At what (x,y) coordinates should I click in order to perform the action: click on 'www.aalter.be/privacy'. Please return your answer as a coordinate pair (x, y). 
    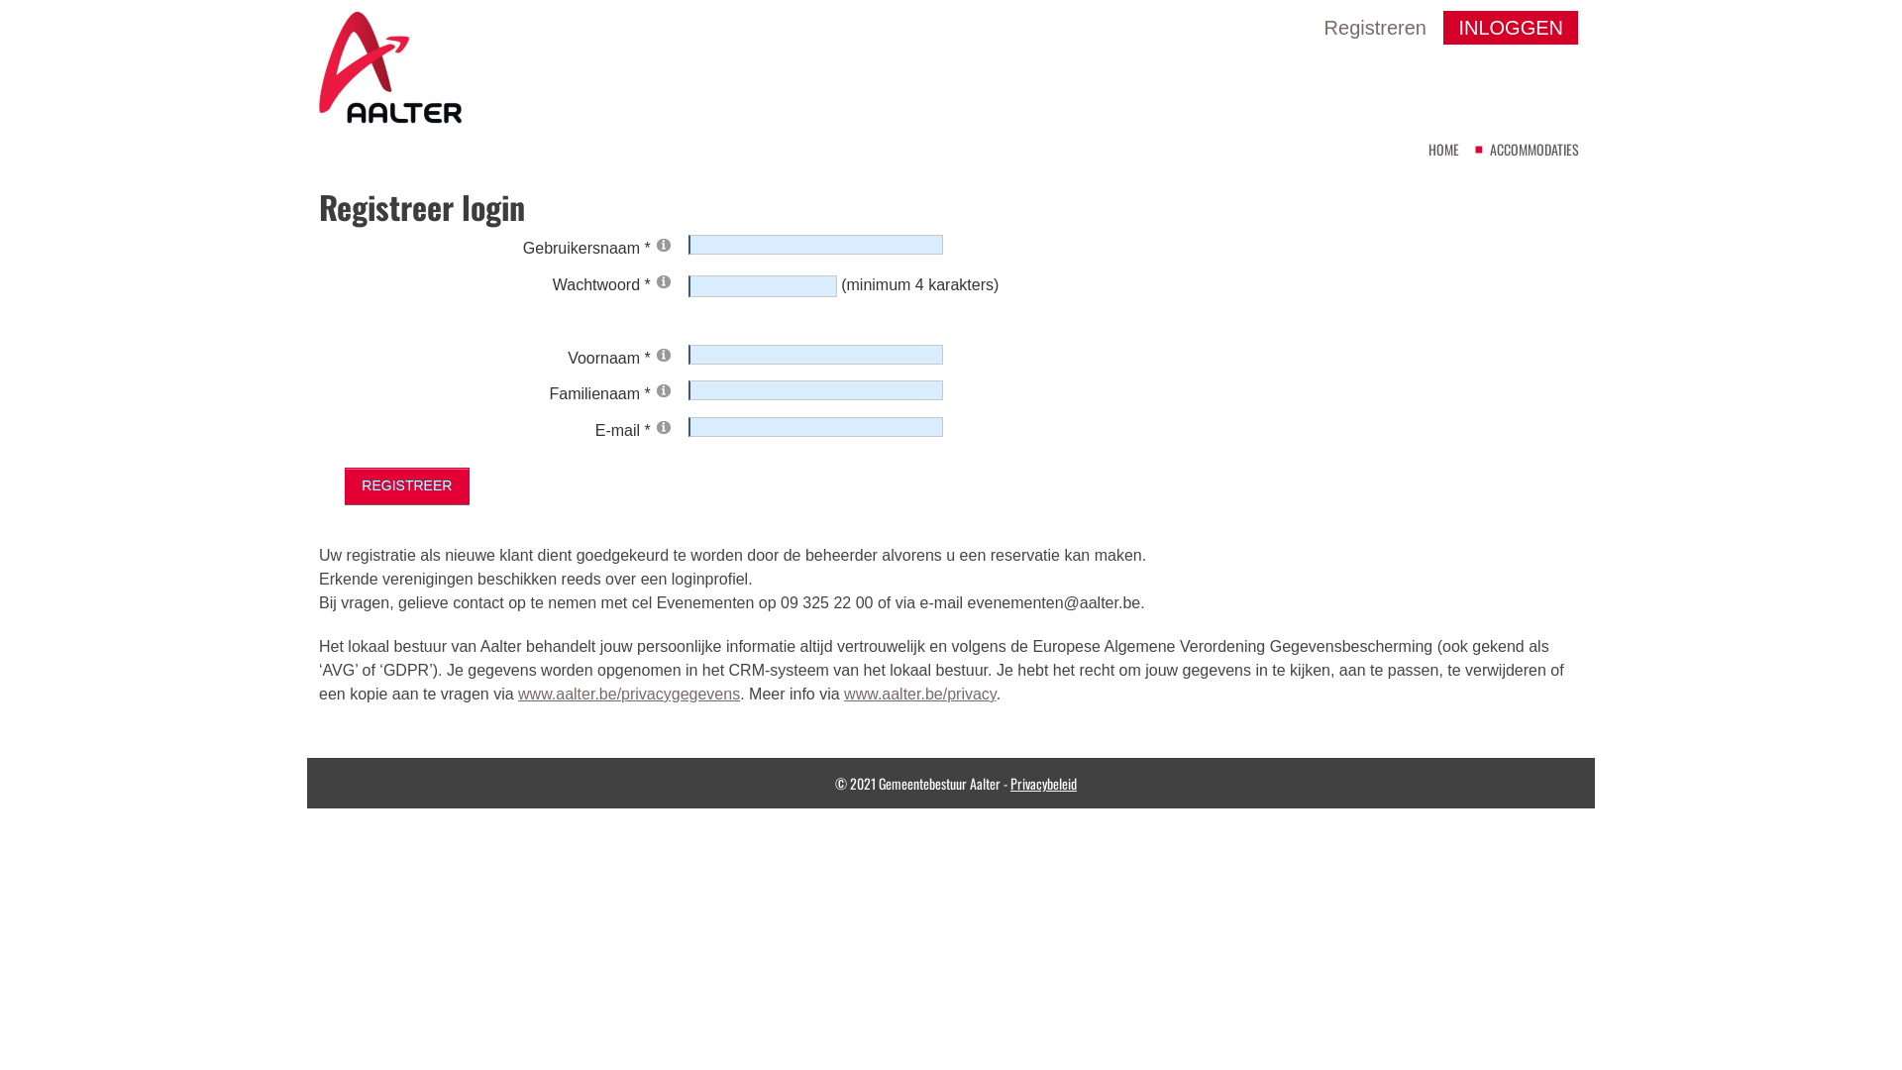
    Looking at the image, I should click on (919, 693).